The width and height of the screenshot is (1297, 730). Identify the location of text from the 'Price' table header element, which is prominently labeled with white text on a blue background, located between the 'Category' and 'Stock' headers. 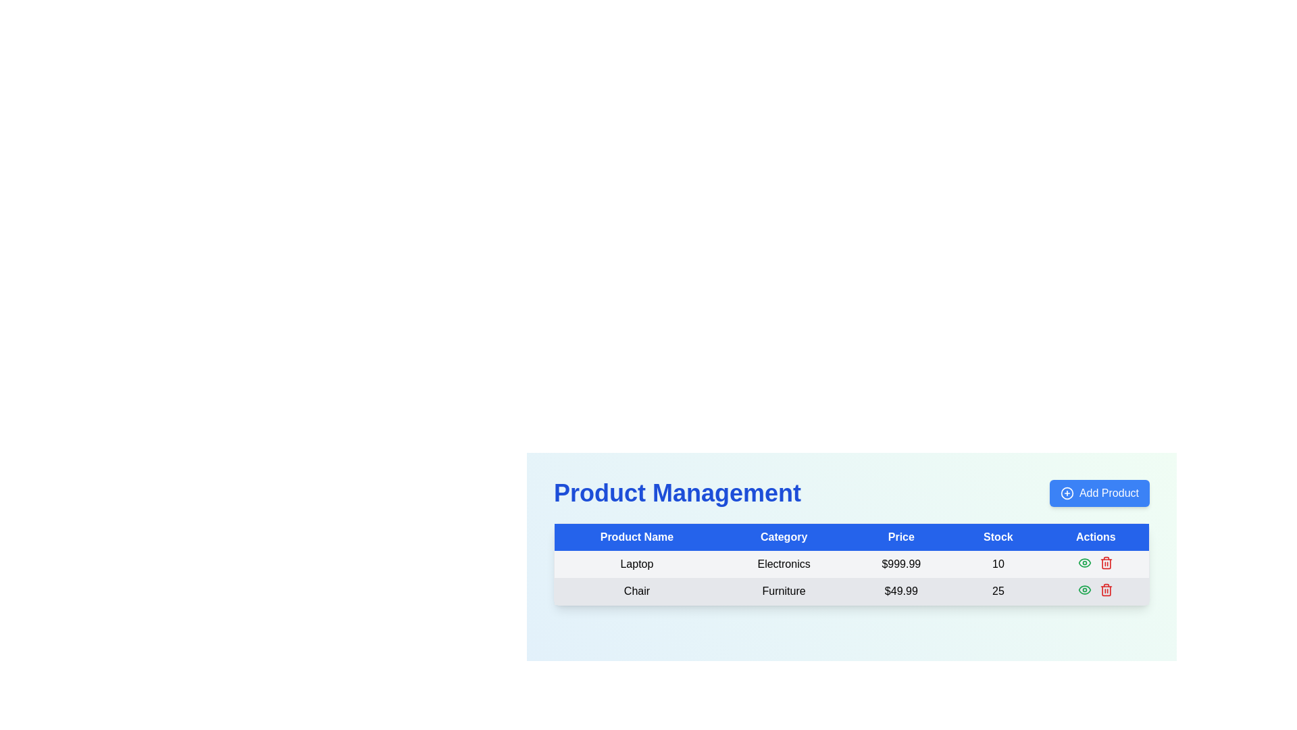
(901, 536).